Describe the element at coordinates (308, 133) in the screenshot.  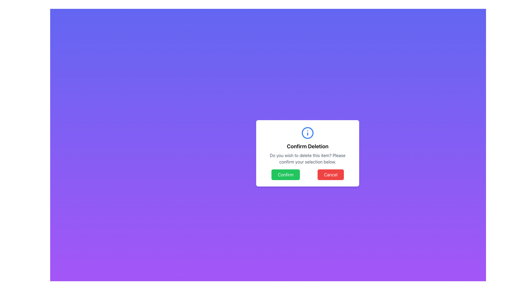
I see `the Vector Graphics Circle element located at the center of the info icon above the 'Confirm Deletion' text in the modal dialog box` at that location.